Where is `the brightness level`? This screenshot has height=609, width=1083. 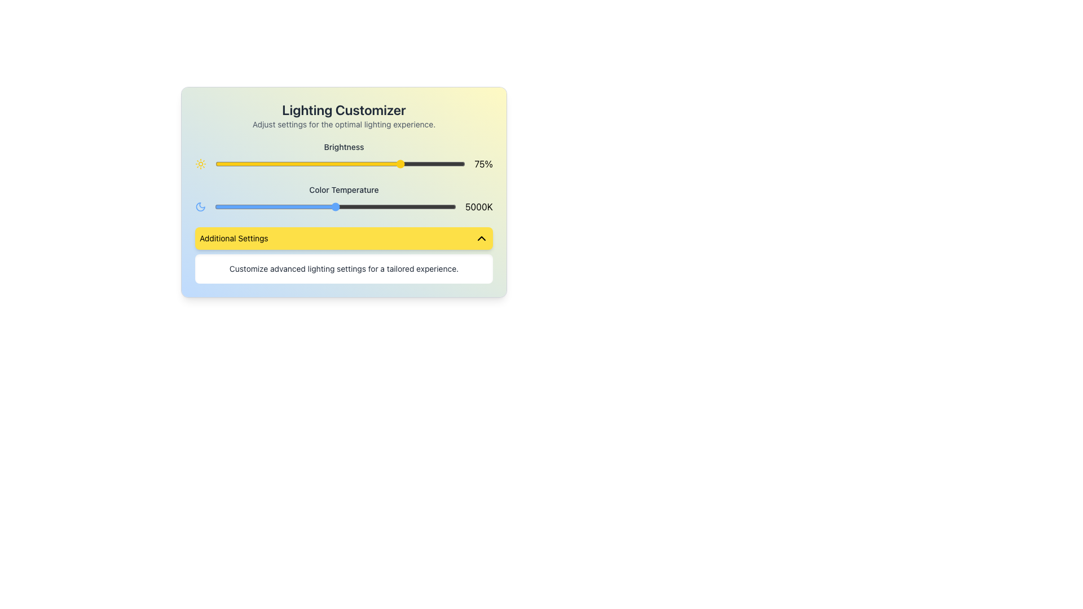 the brightness level is located at coordinates (322, 164).